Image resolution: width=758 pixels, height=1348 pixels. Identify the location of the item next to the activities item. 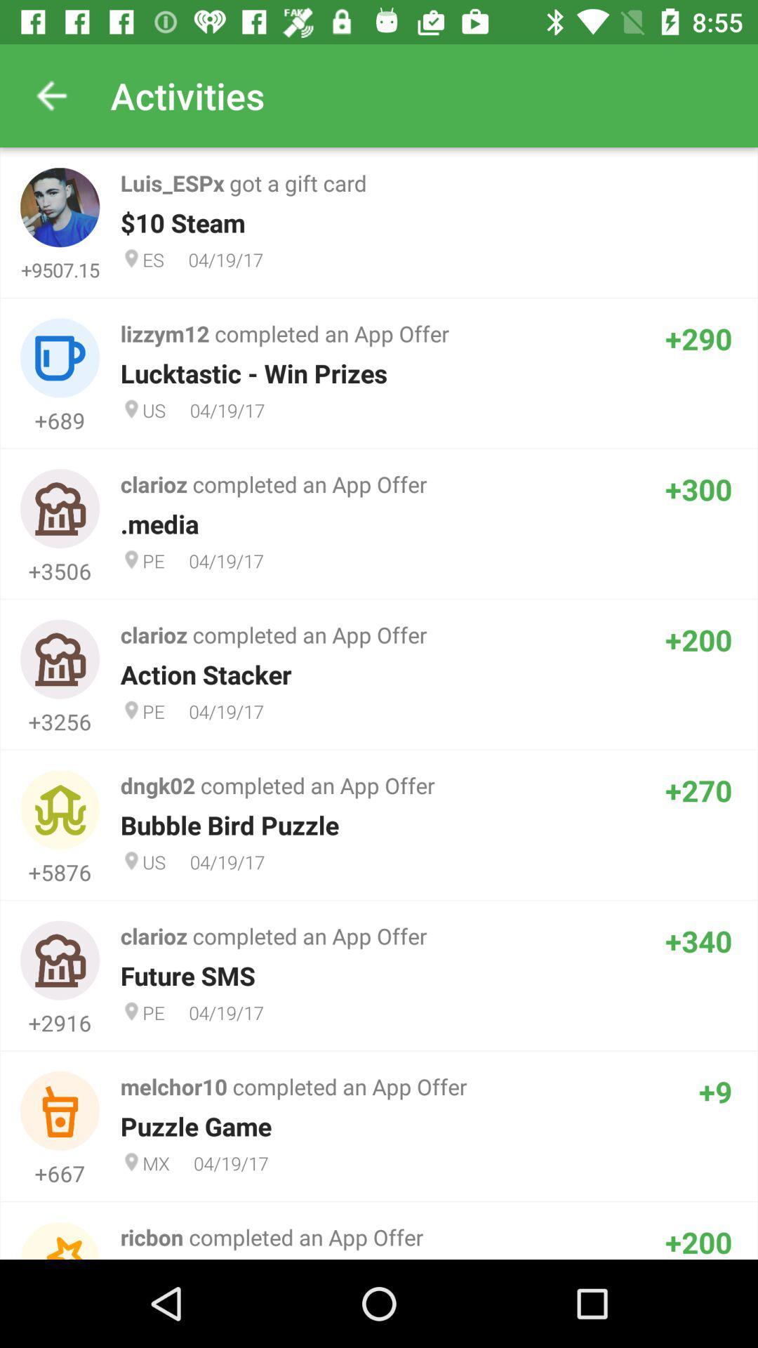
(51, 95).